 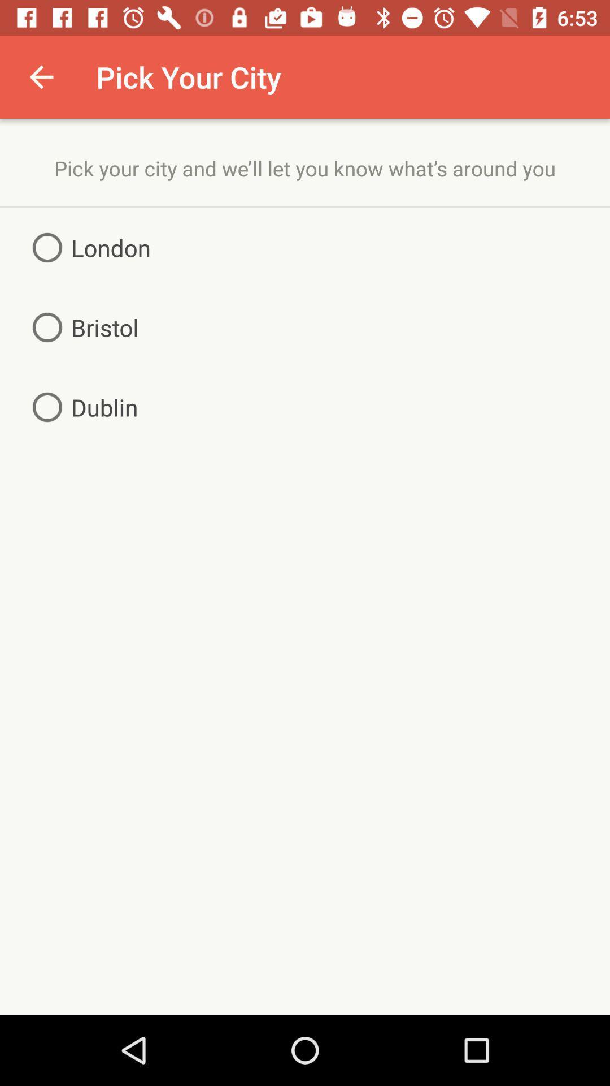 I want to click on item above bristol item, so click(x=86, y=247).